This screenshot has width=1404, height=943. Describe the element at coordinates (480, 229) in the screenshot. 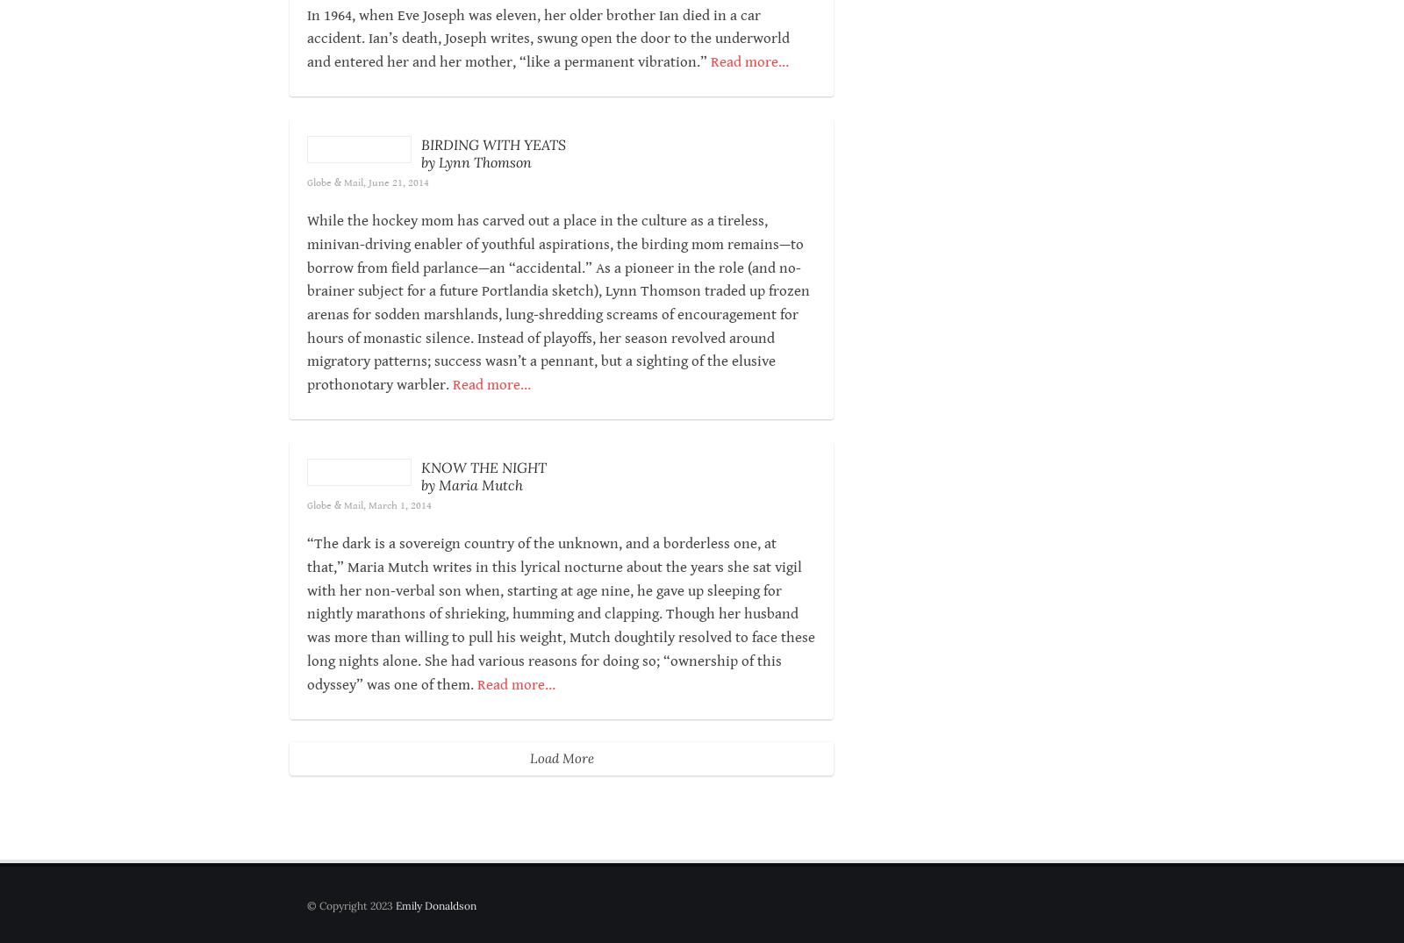

I see `'Globe & Mail, June 21, 2014'` at that location.